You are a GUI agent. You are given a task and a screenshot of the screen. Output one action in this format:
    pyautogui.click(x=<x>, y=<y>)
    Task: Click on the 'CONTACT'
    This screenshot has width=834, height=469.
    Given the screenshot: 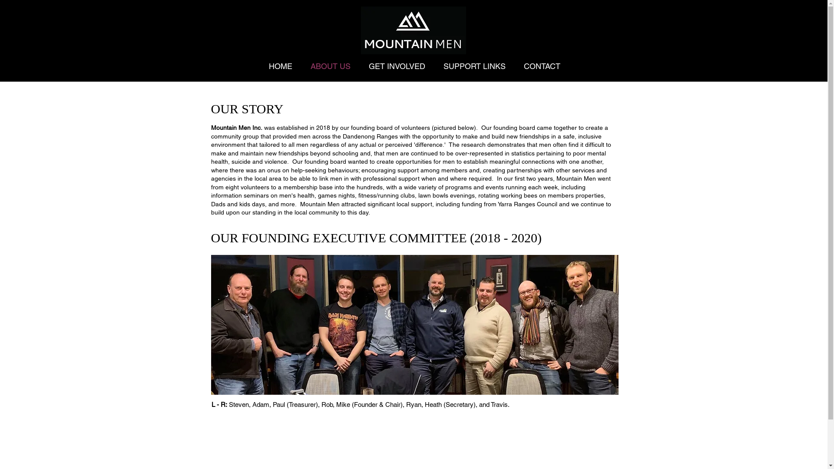 What is the action you would take?
    pyautogui.click(x=542, y=66)
    